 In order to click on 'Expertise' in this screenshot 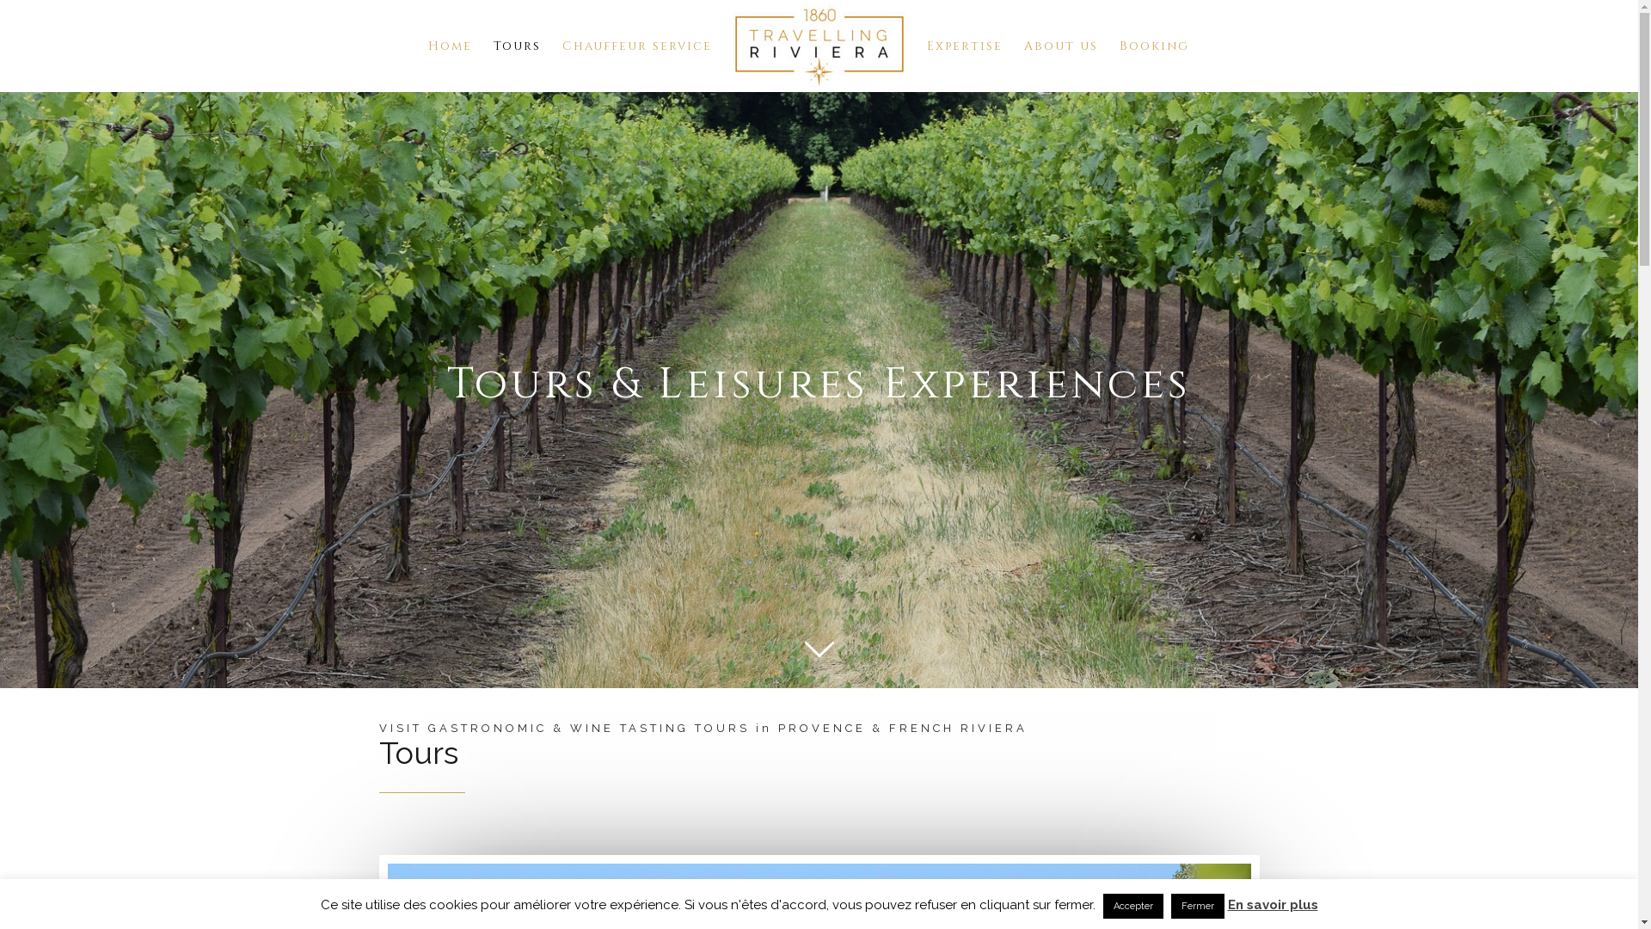, I will do `click(965, 46)`.